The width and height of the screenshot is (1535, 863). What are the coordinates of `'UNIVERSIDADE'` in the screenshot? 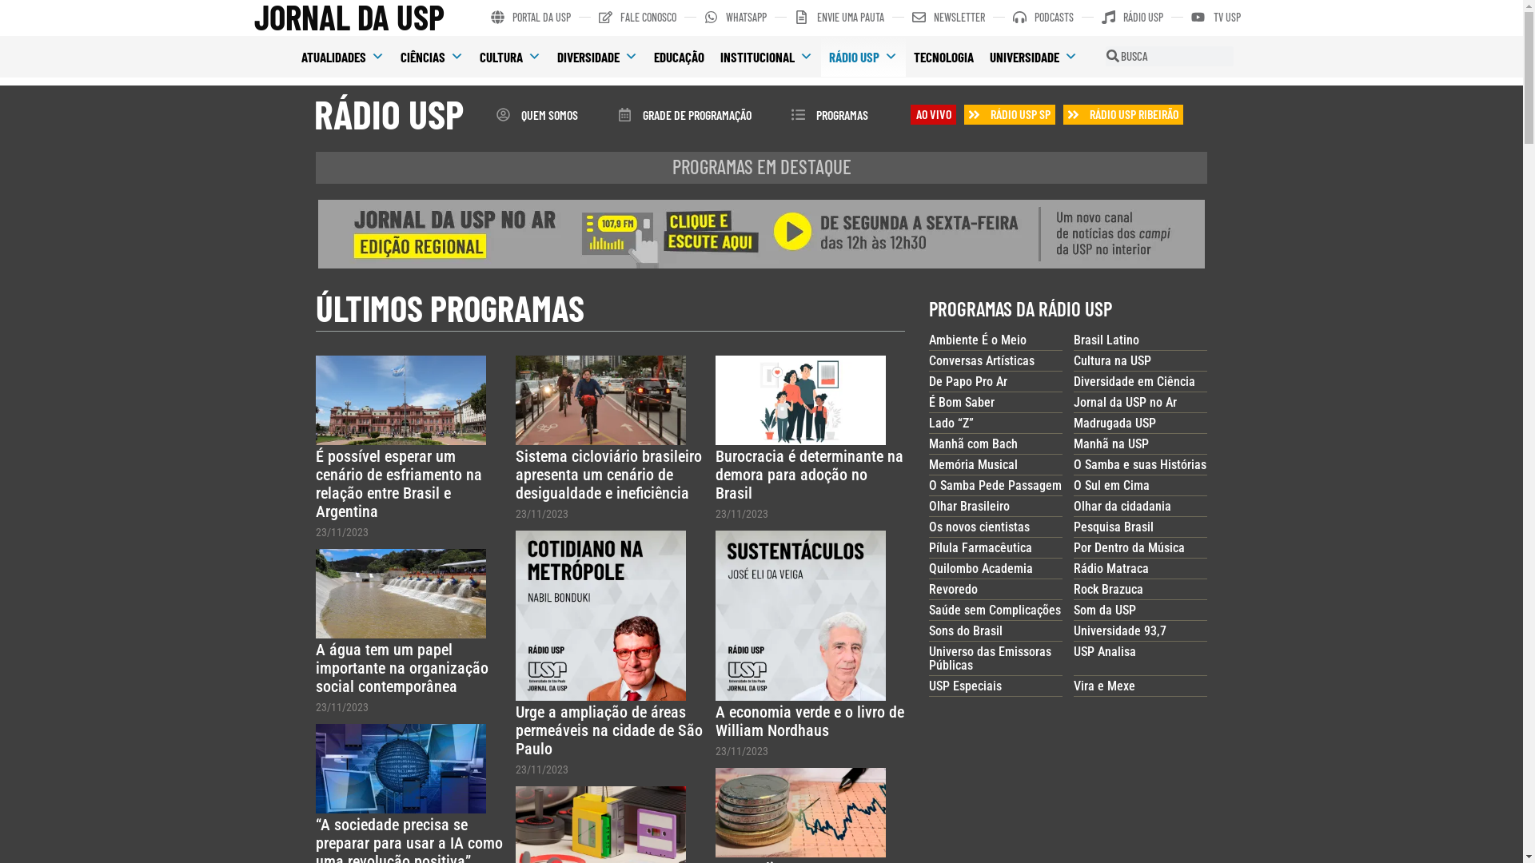 It's located at (981, 55).